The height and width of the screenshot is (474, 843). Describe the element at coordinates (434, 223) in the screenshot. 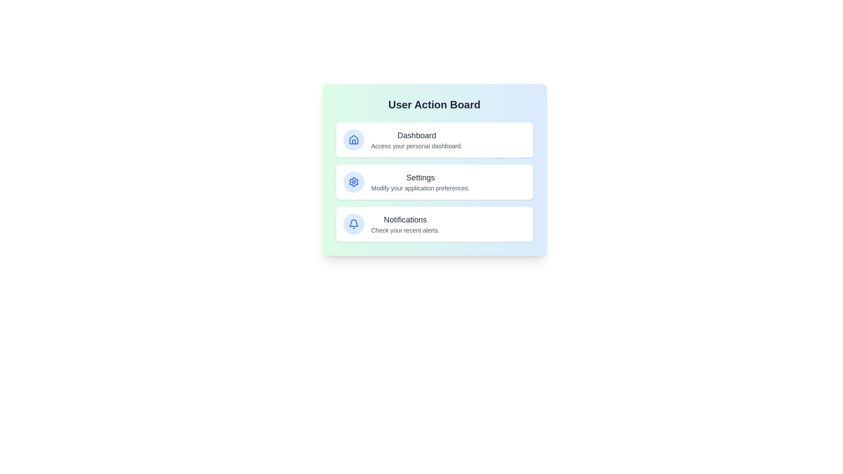

I see `the 'Notifications' card to view notifications` at that location.